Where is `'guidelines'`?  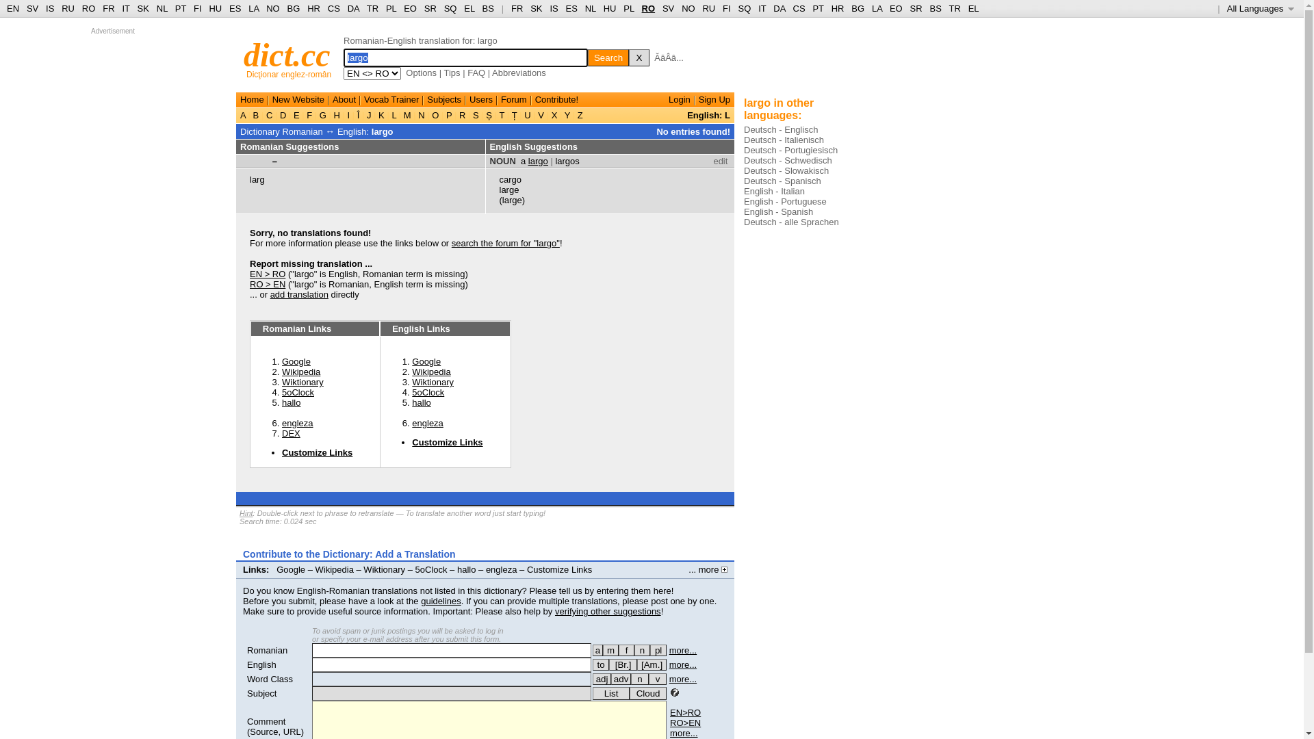 'guidelines' is located at coordinates (441, 600).